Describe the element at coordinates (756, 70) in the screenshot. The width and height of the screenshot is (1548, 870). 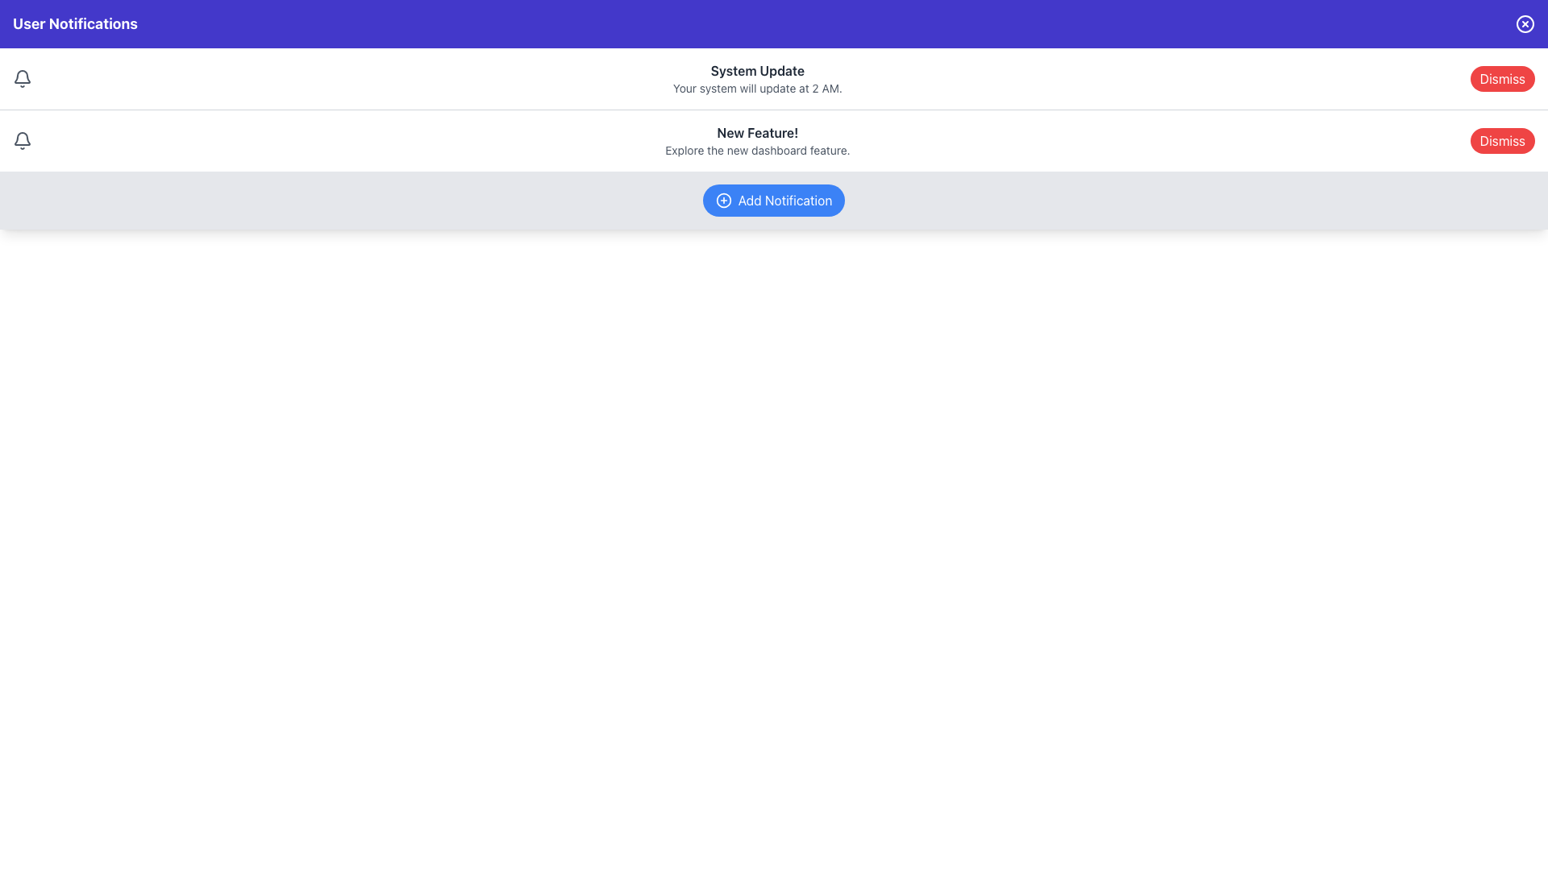
I see `text from the title or subject heading of the notification message located at the top-left part of the notification card` at that location.